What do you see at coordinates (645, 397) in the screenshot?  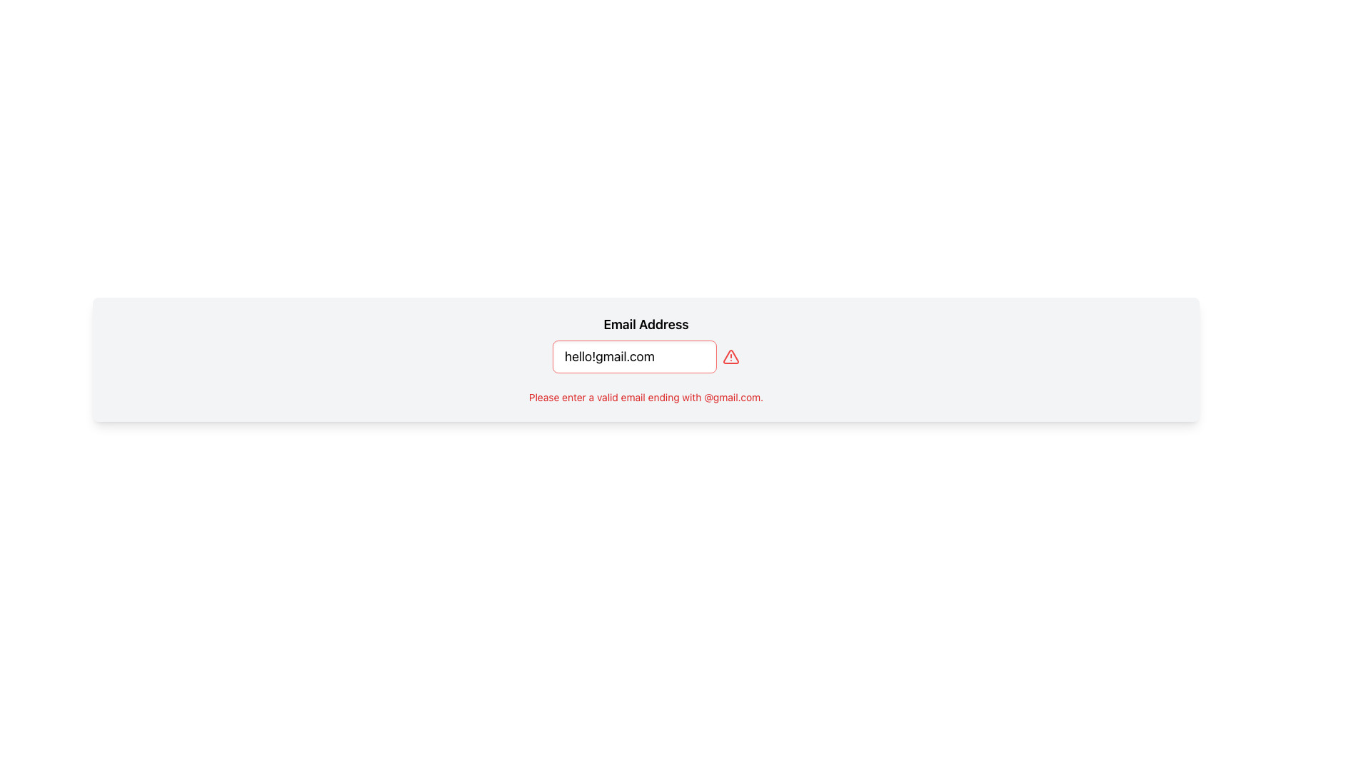 I see `the red text message that instructs to enter a valid email ending with @gmail.com` at bounding box center [645, 397].